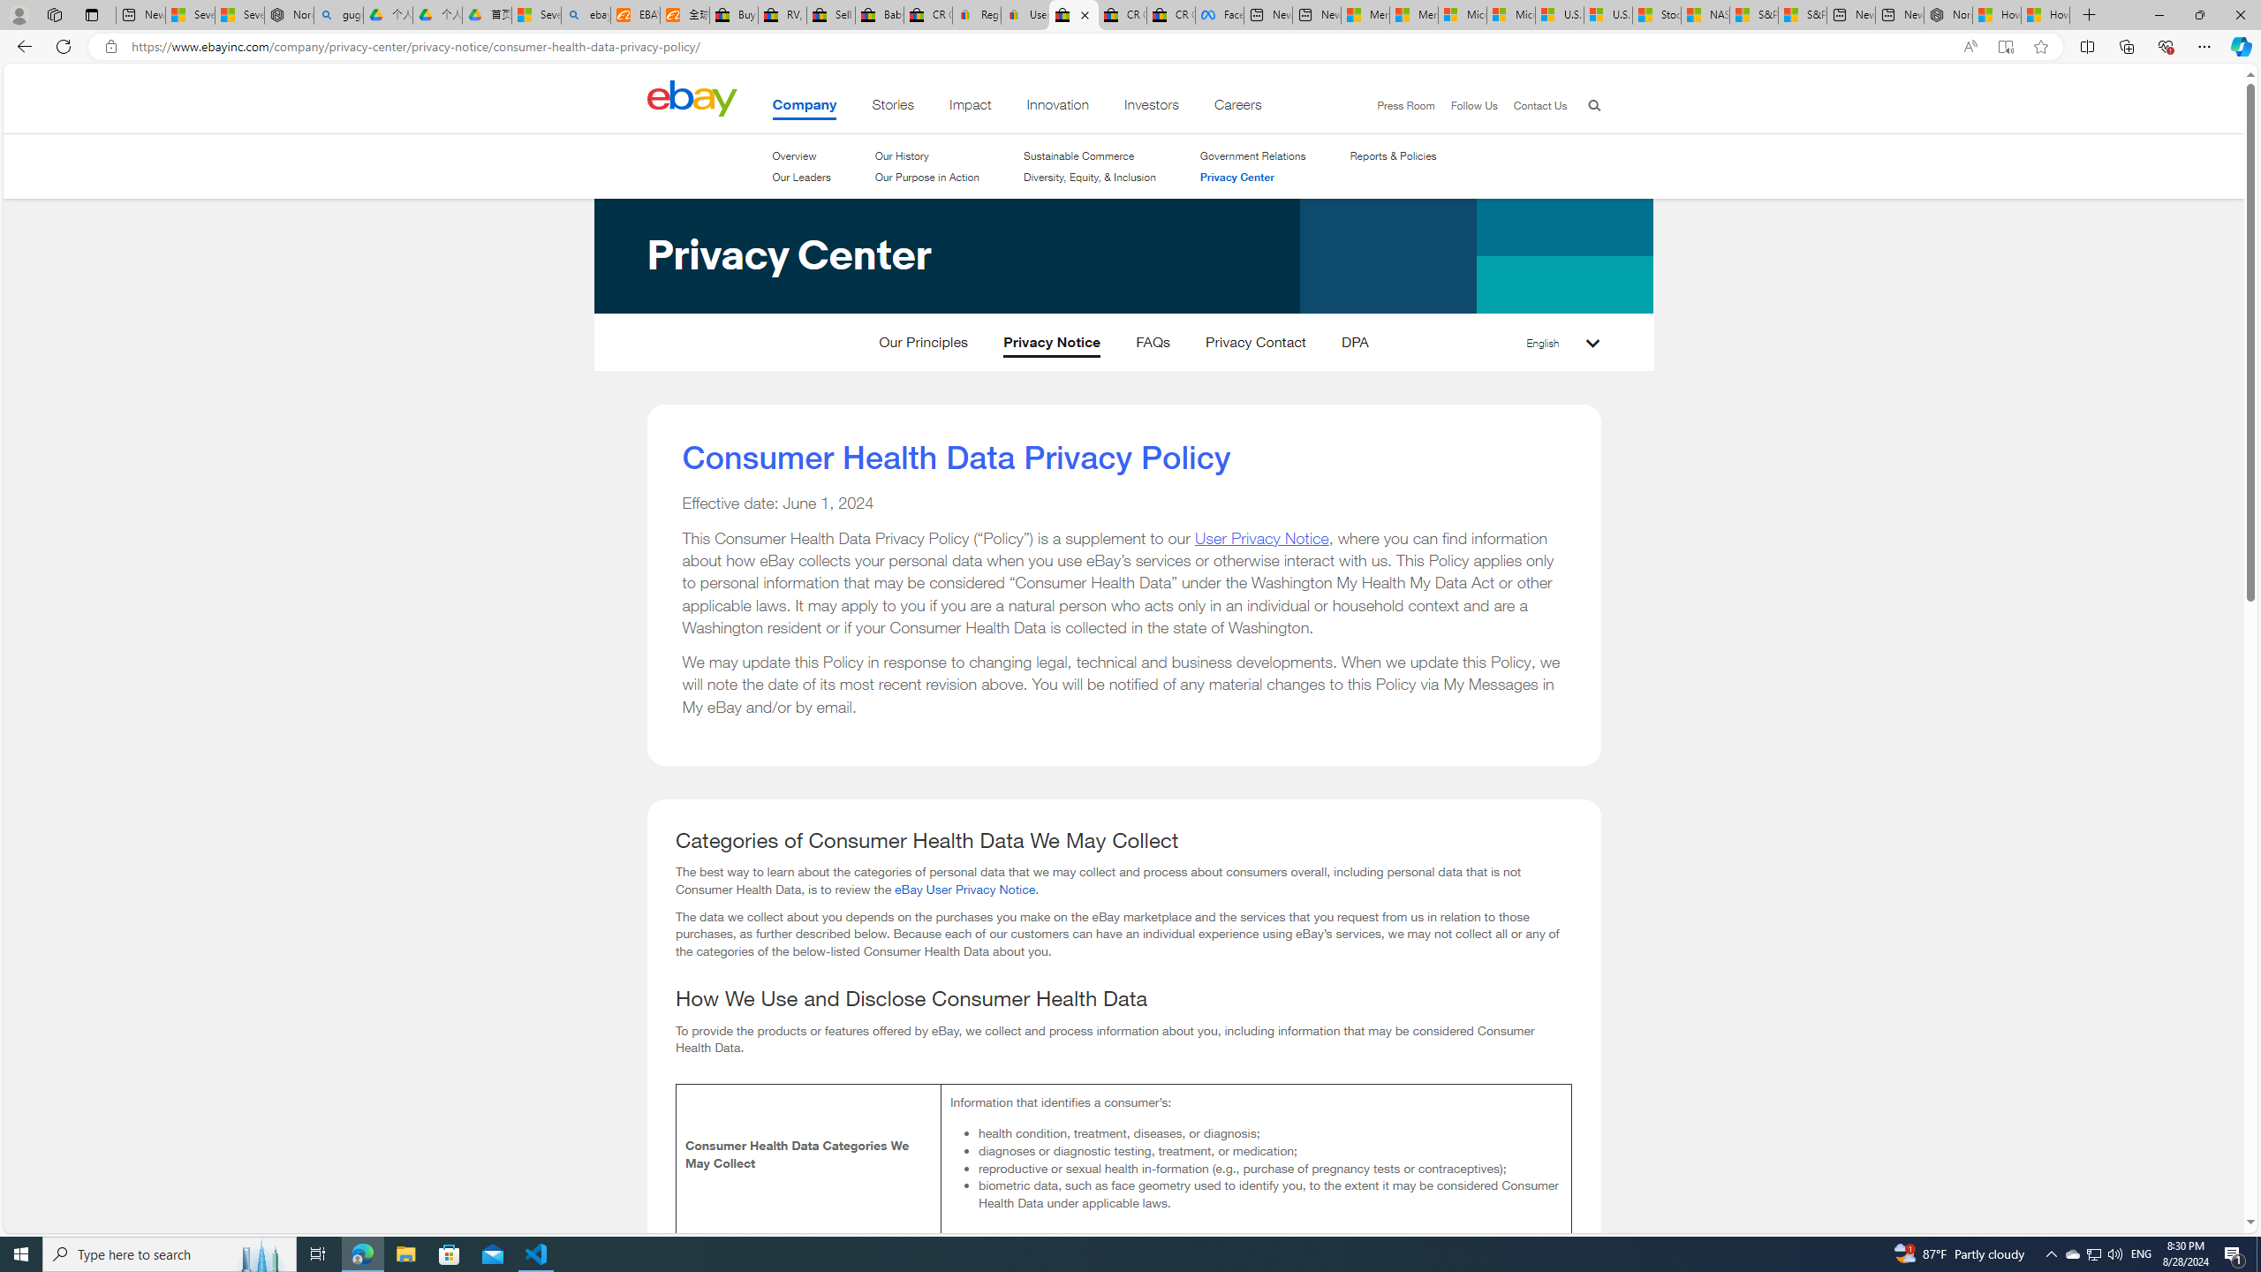  Describe the element at coordinates (975, 14) in the screenshot. I see `'Register: Create a personal eBay account'` at that location.